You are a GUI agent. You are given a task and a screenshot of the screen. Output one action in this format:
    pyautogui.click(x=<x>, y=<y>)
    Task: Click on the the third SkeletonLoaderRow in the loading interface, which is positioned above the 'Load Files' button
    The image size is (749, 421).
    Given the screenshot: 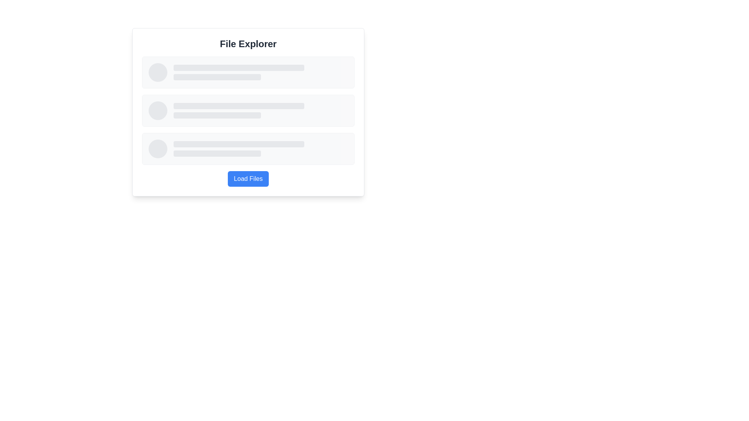 What is the action you would take?
    pyautogui.click(x=248, y=149)
    